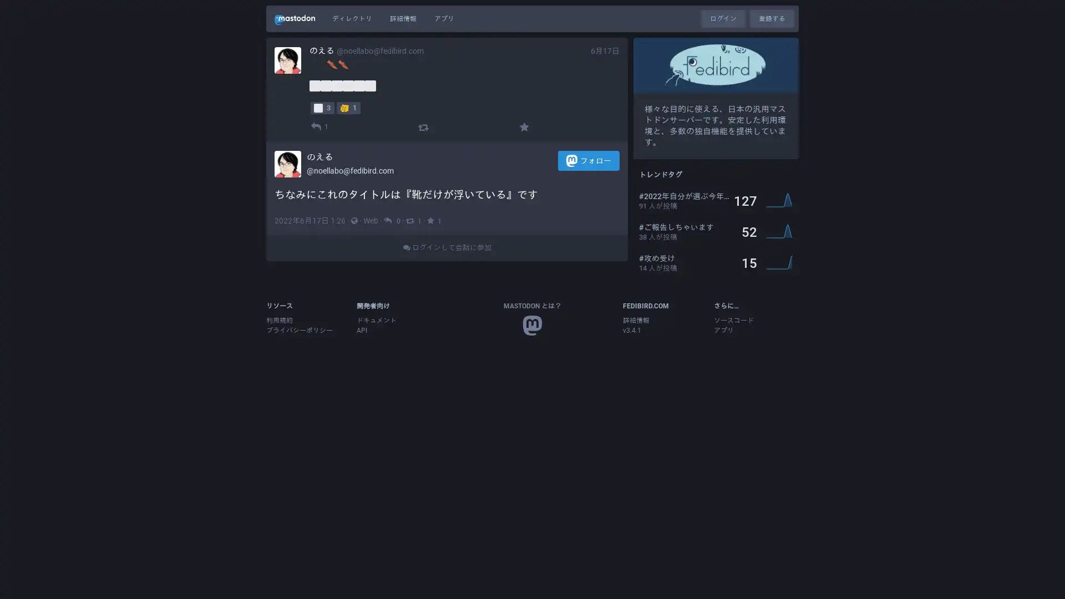 This screenshot has width=1065, height=599. I want to click on 3, so click(322, 107).